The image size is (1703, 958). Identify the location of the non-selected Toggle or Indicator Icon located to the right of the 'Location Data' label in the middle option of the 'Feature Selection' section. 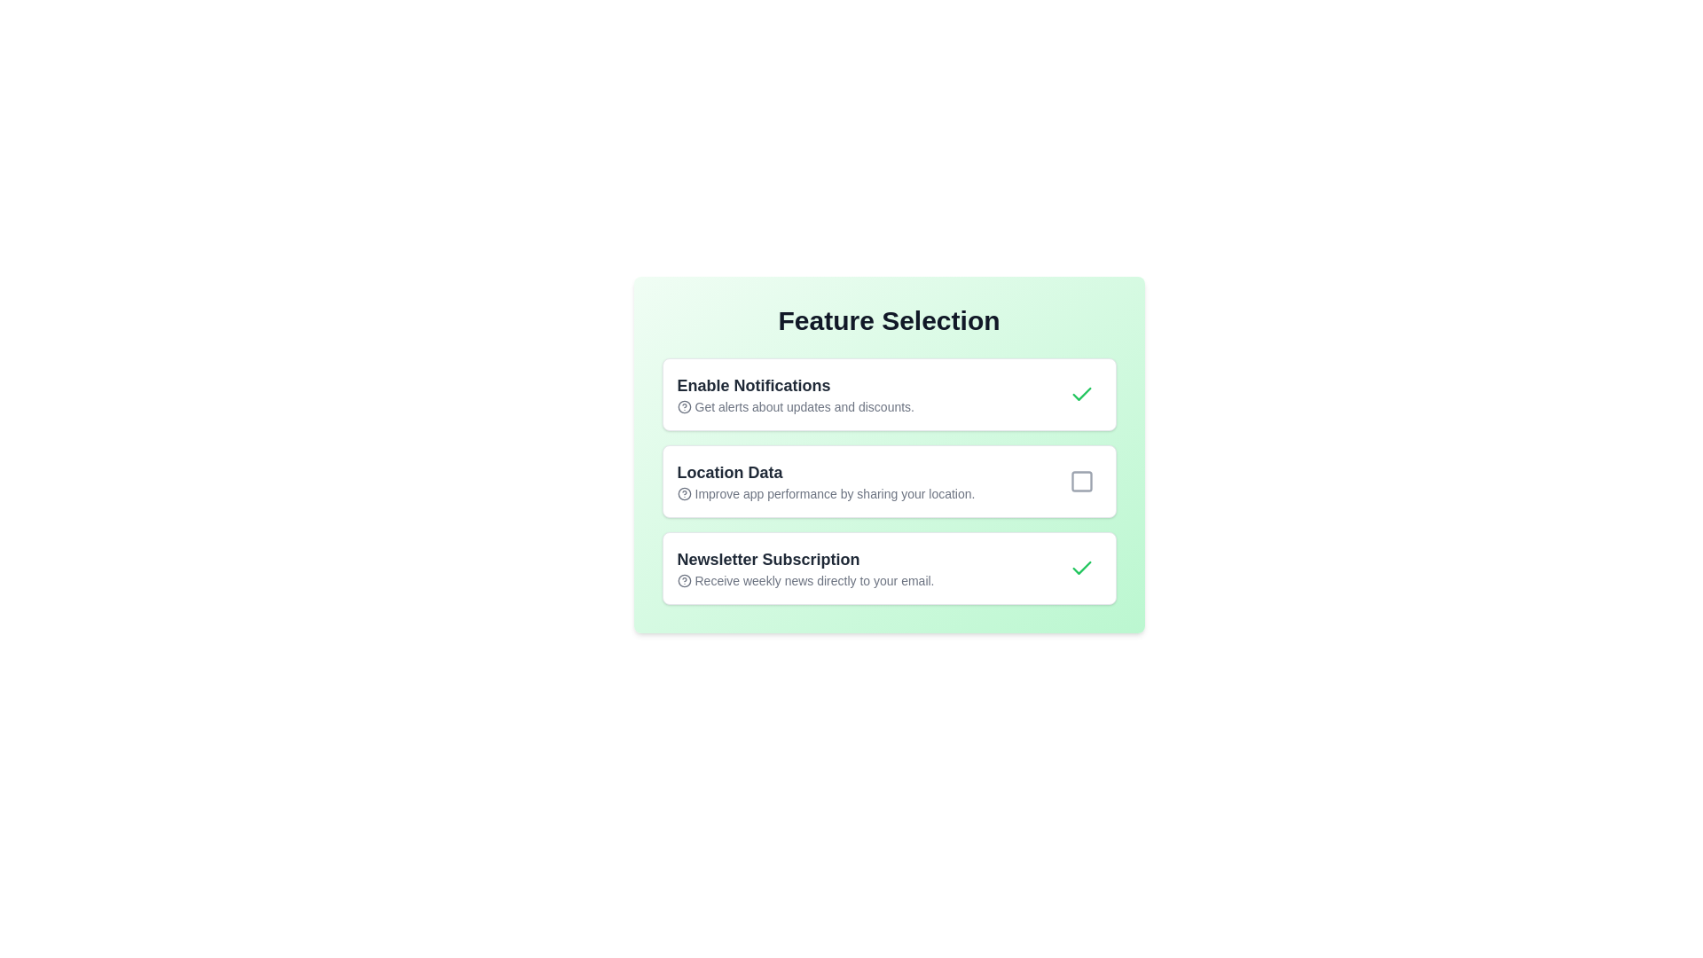
(1080, 482).